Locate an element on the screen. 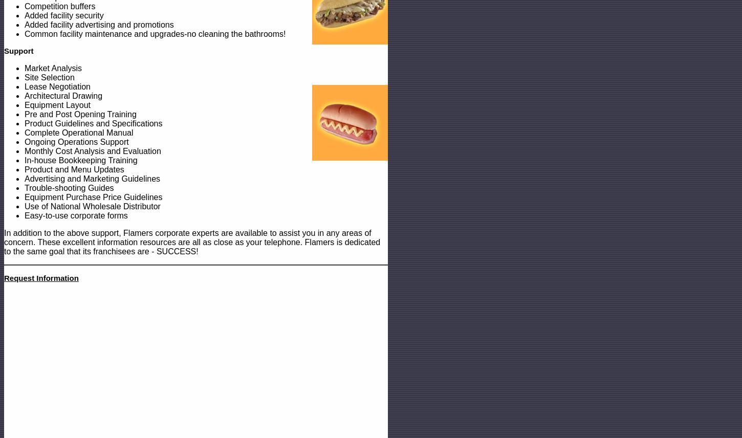 This screenshot has height=438, width=742. 'In addition to the above support, Flamers corporate experts are available to assist you in any areas of concern. These excellent information resources are all as close as your telephone. Flamers is dedicated to the same goal that its franchisees are - SUCCESS!' is located at coordinates (191, 242).